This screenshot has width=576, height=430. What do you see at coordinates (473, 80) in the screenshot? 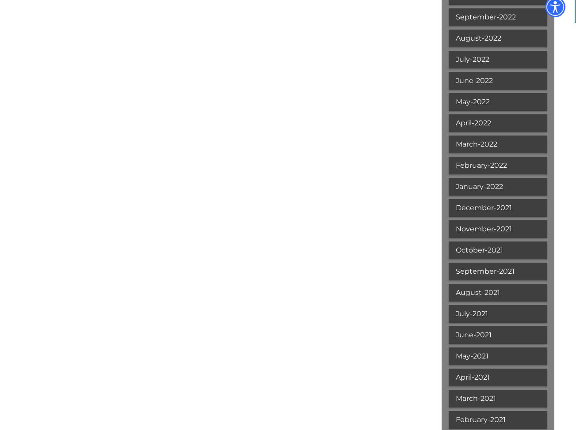
I see `'June-2022'` at bounding box center [473, 80].